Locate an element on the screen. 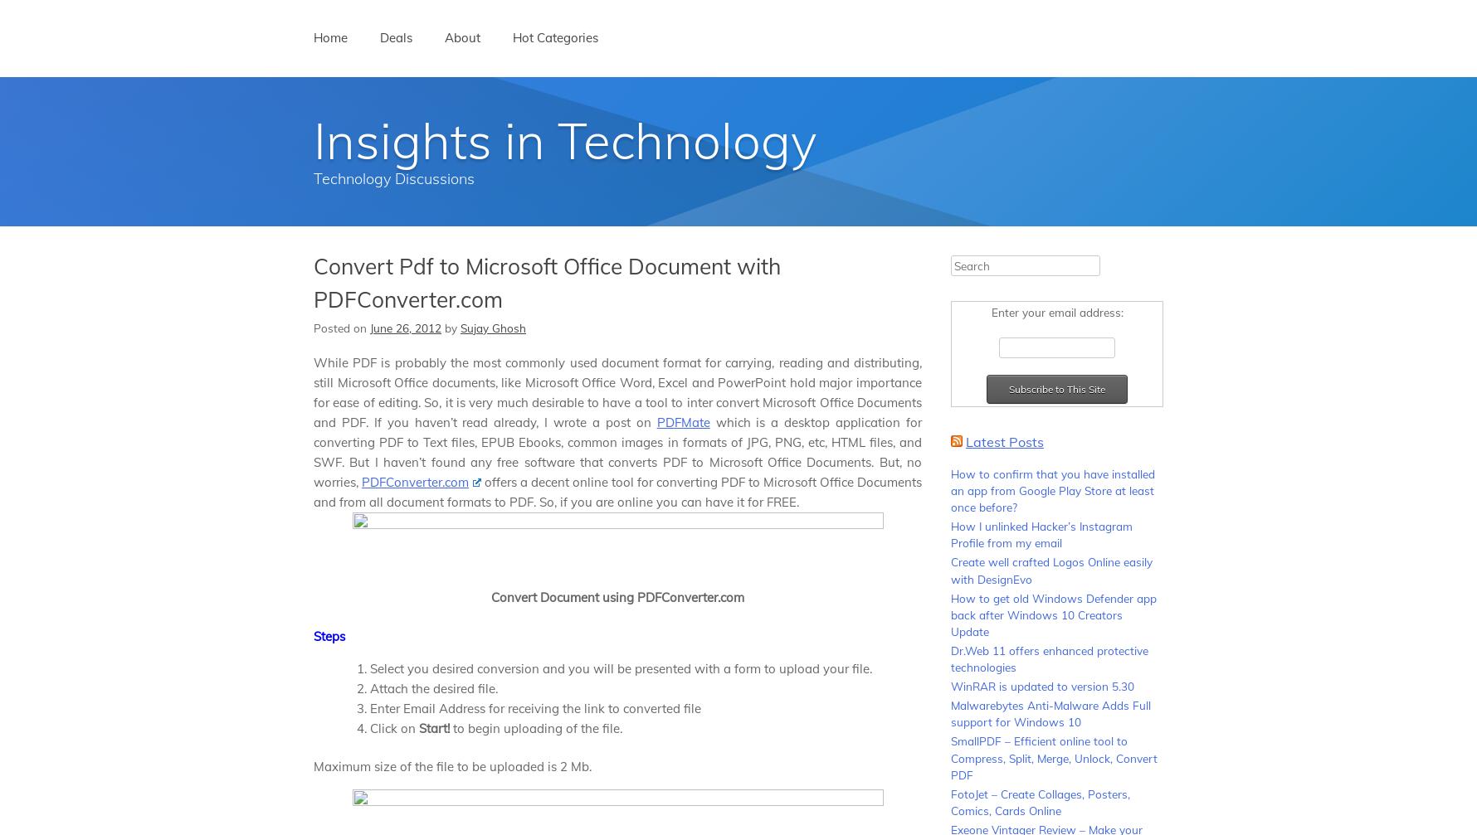 Image resolution: width=1477 pixels, height=835 pixels. 'Start!' is located at coordinates (432, 726).